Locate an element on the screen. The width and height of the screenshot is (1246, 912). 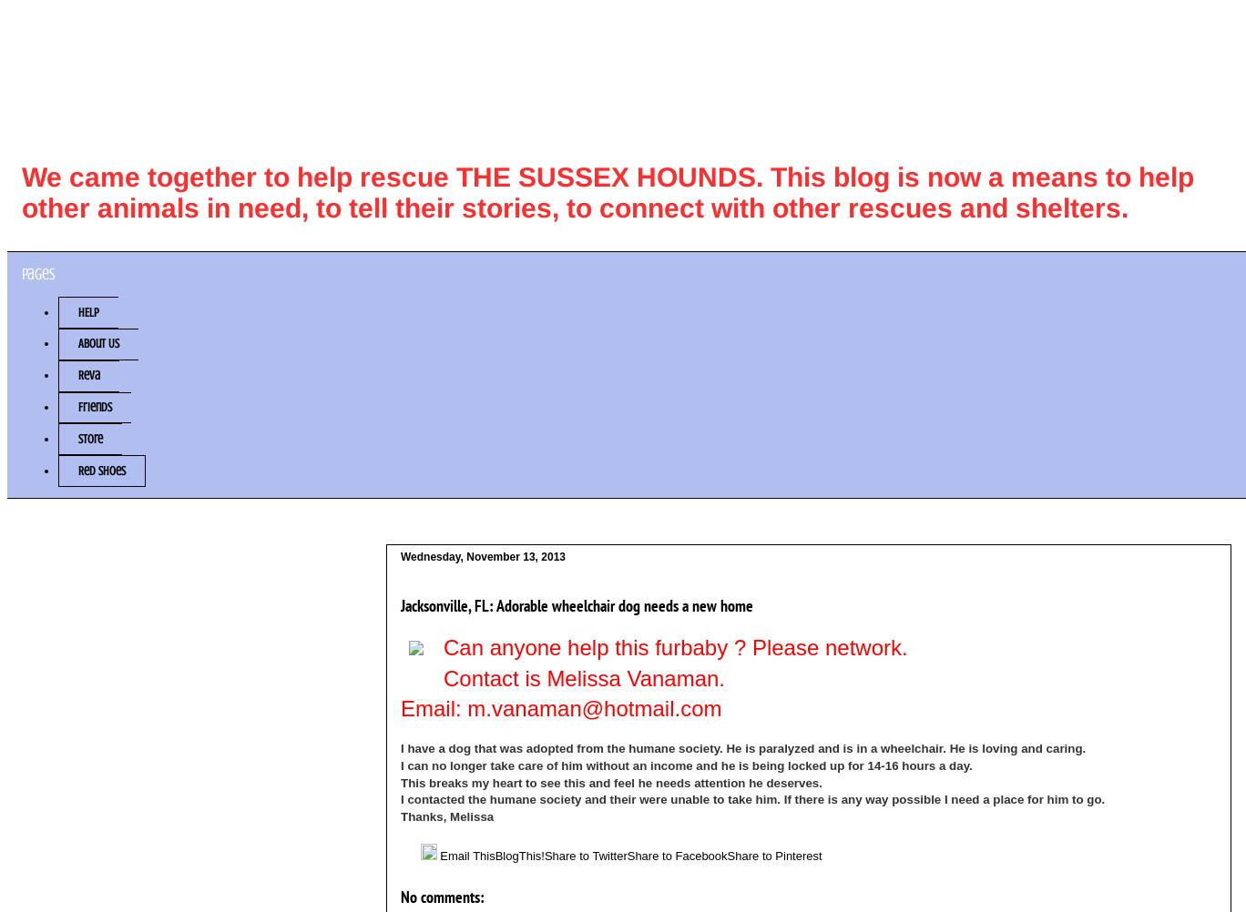
'Share to Pinterest' is located at coordinates (773, 855).